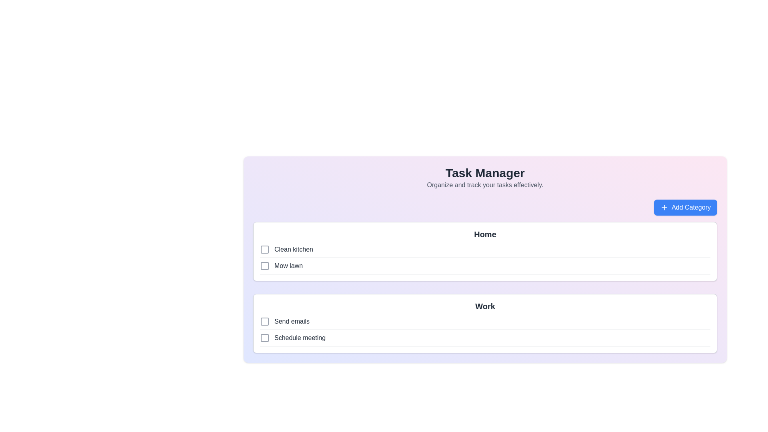 The image size is (768, 432). What do you see at coordinates (485, 185) in the screenshot?
I see `the text element located directly below the title 'Task Manager', which summarizes the application's functionality` at bounding box center [485, 185].